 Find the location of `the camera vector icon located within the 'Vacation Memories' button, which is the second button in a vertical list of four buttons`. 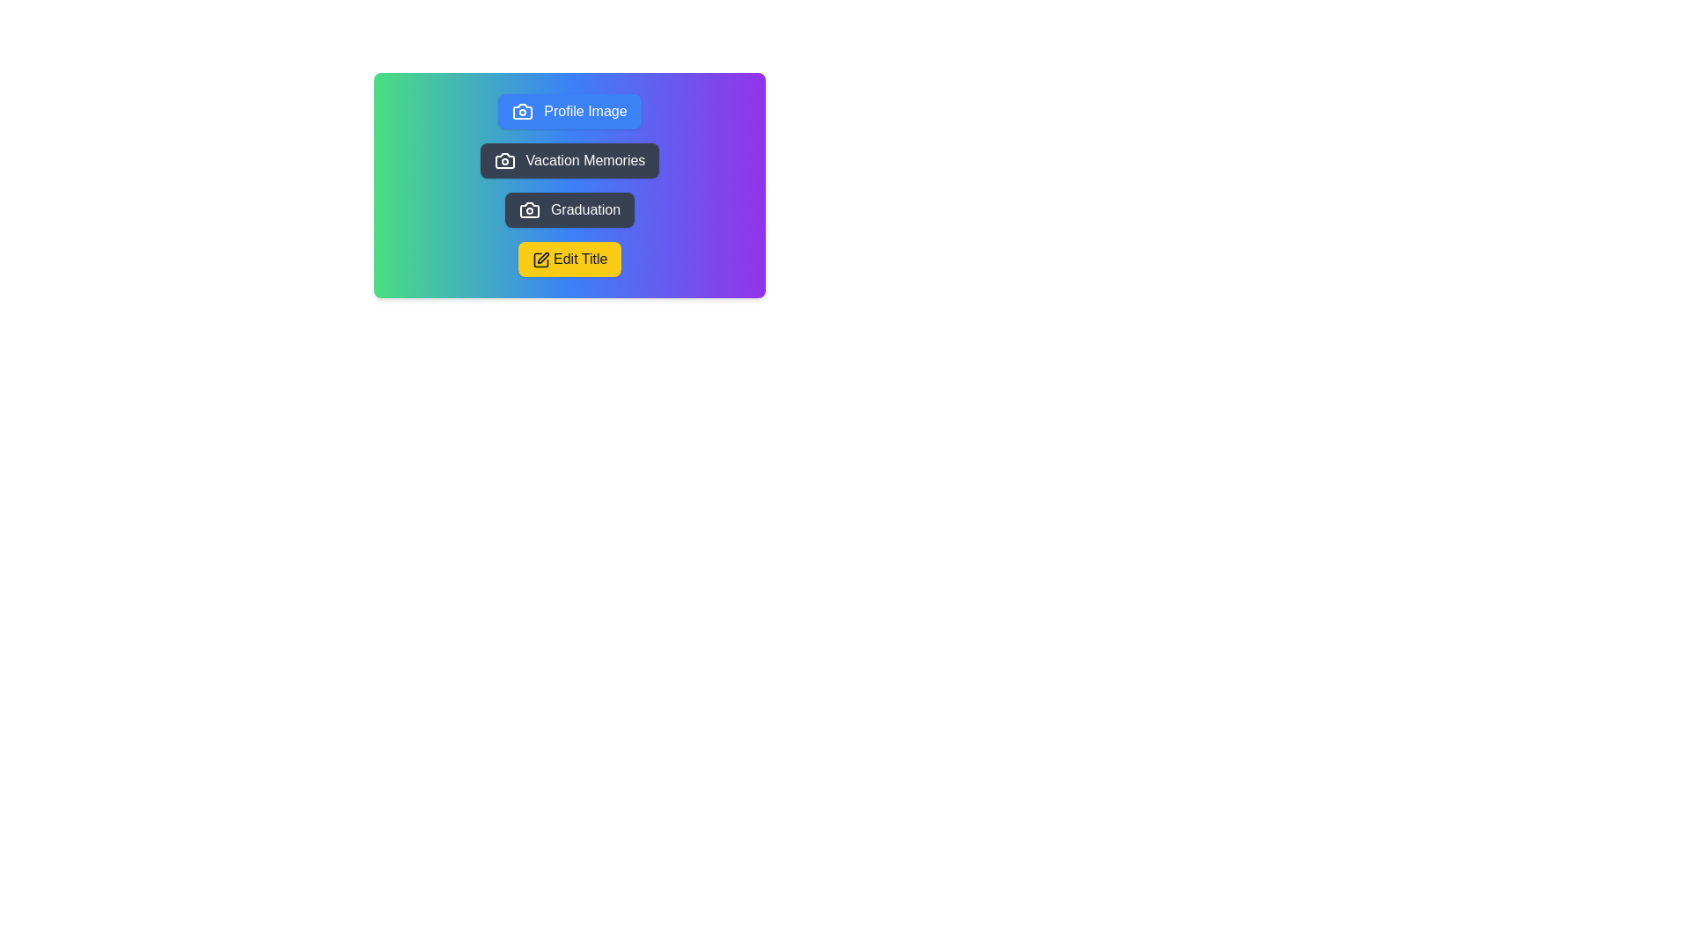

the camera vector icon located within the 'Vacation Memories' button, which is the second button in a vertical list of four buttons is located at coordinates (503, 160).